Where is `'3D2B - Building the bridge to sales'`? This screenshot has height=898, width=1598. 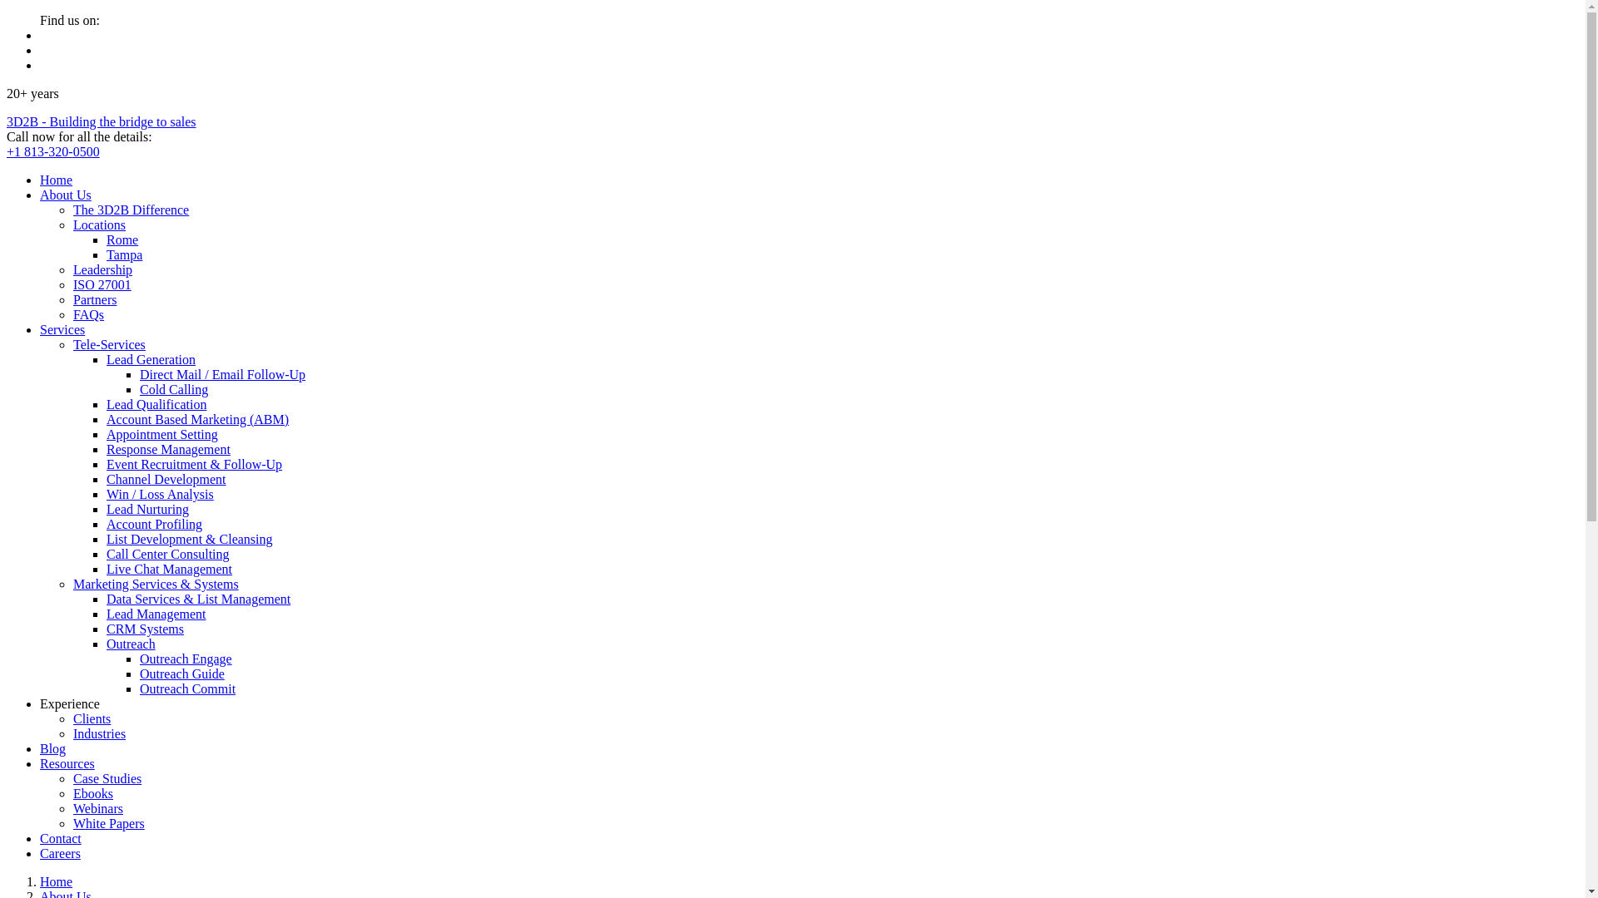 '3D2B - Building the bridge to sales' is located at coordinates (7, 121).